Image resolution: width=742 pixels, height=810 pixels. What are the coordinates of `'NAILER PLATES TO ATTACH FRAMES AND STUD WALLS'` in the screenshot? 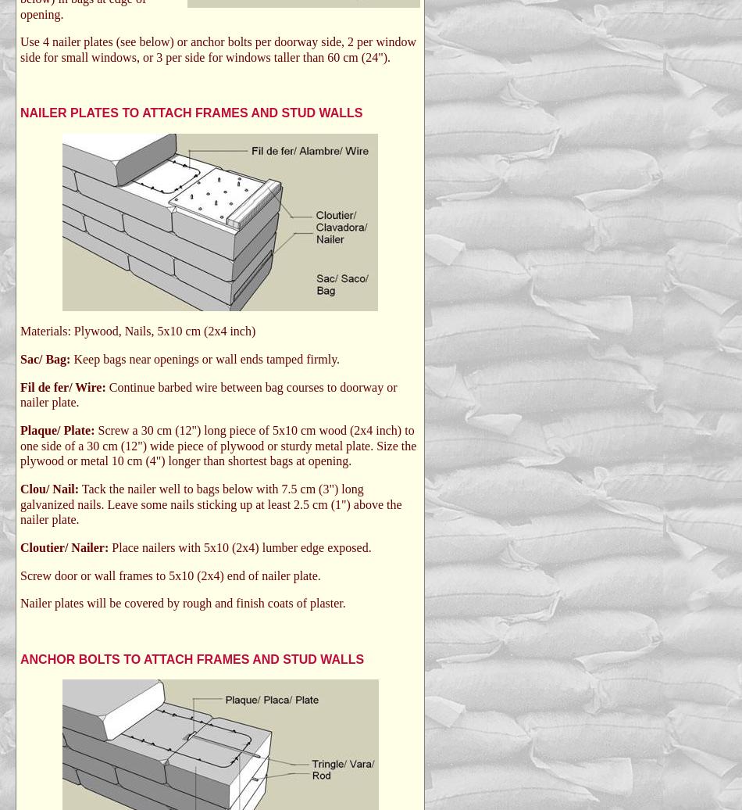 It's located at (191, 113).